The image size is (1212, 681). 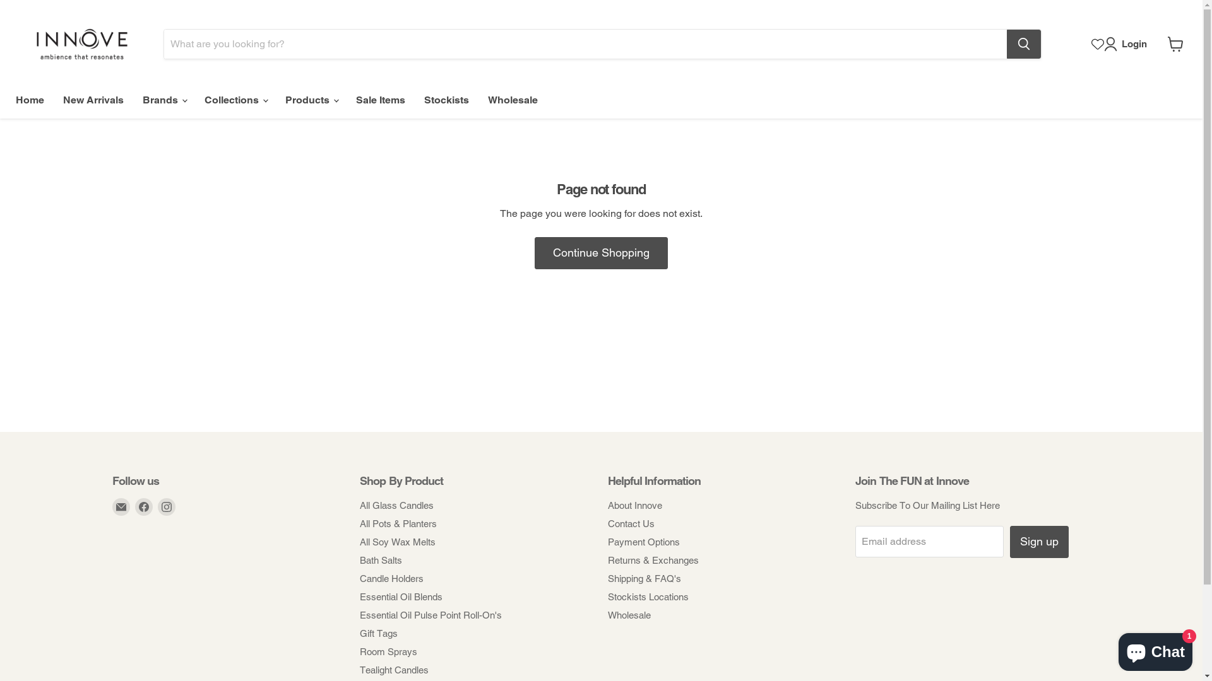 What do you see at coordinates (359, 504) in the screenshot?
I see `'All Glass Candles'` at bounding box center [359, 504].